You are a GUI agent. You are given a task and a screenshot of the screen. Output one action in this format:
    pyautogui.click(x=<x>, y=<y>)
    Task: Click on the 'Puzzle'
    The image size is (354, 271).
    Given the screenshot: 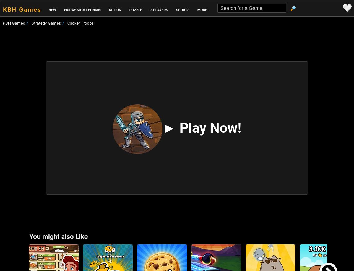 What is the action you would take?
    pyautogui.click(x=136, y=10)
    